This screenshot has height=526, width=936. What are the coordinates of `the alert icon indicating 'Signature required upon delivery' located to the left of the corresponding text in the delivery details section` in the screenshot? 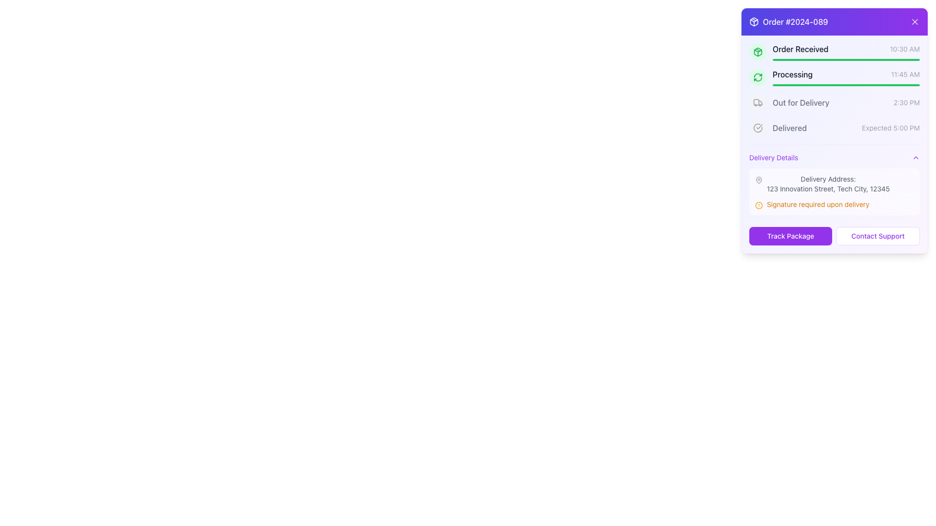 It's located at (758, 205).